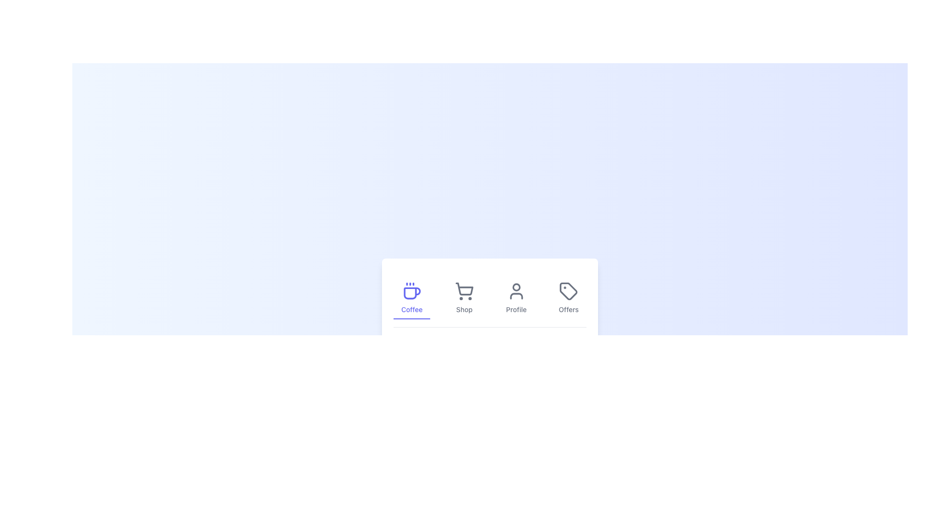 The height and width of the screenshot is (521, 926). What do you see at coordinates (412, 298) in the screenshot?
I see `the 'Coffee' button, which has an icon of a coffee cup and is part of the navigation bar` at bounding box center [412, 298].